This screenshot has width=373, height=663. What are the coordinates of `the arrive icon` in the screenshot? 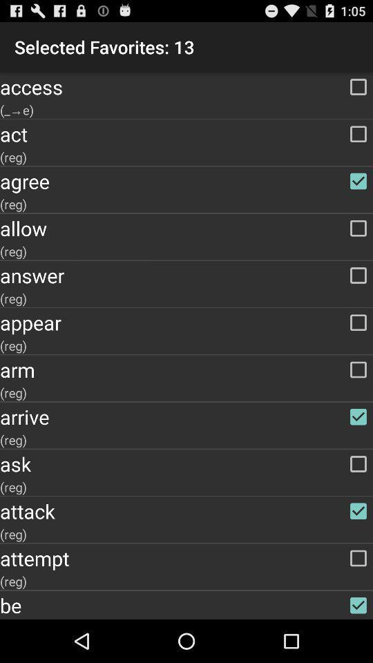 It's located at (186, 416).